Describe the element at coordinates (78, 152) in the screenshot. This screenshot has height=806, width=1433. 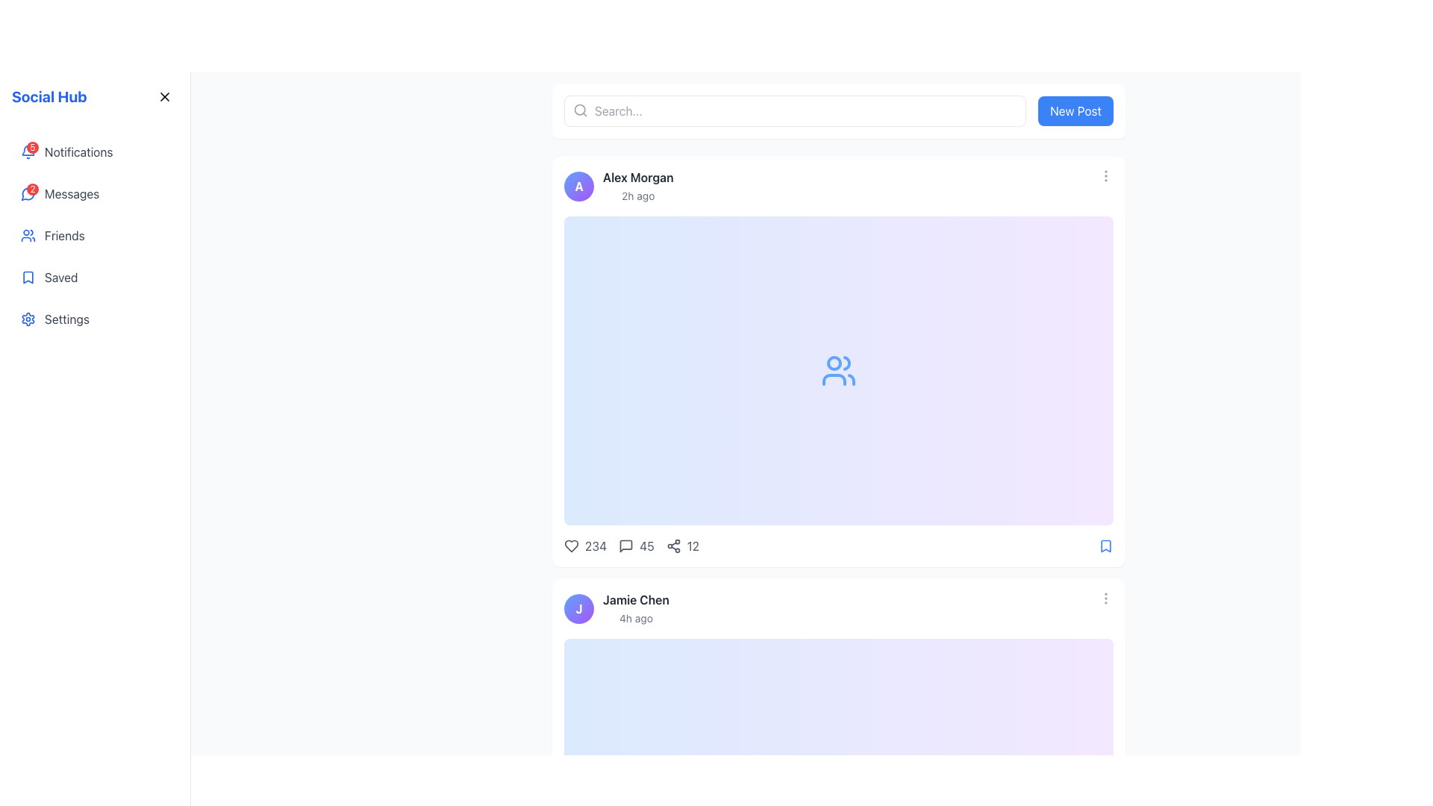
I see `the 'Notifications' text label in the sidebar menu, which identifies the notifications section of the interface` at that location.